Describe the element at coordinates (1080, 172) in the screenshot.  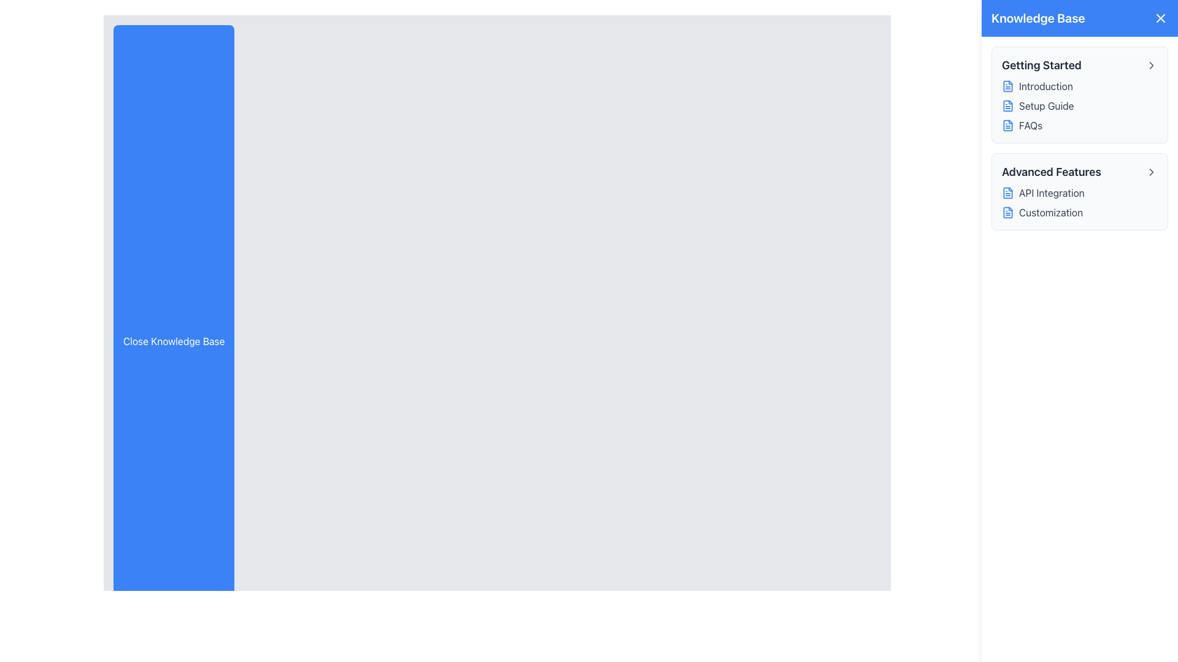
I see `the 'Advanced Features' list item with a right-facing chevron icon` at that location.